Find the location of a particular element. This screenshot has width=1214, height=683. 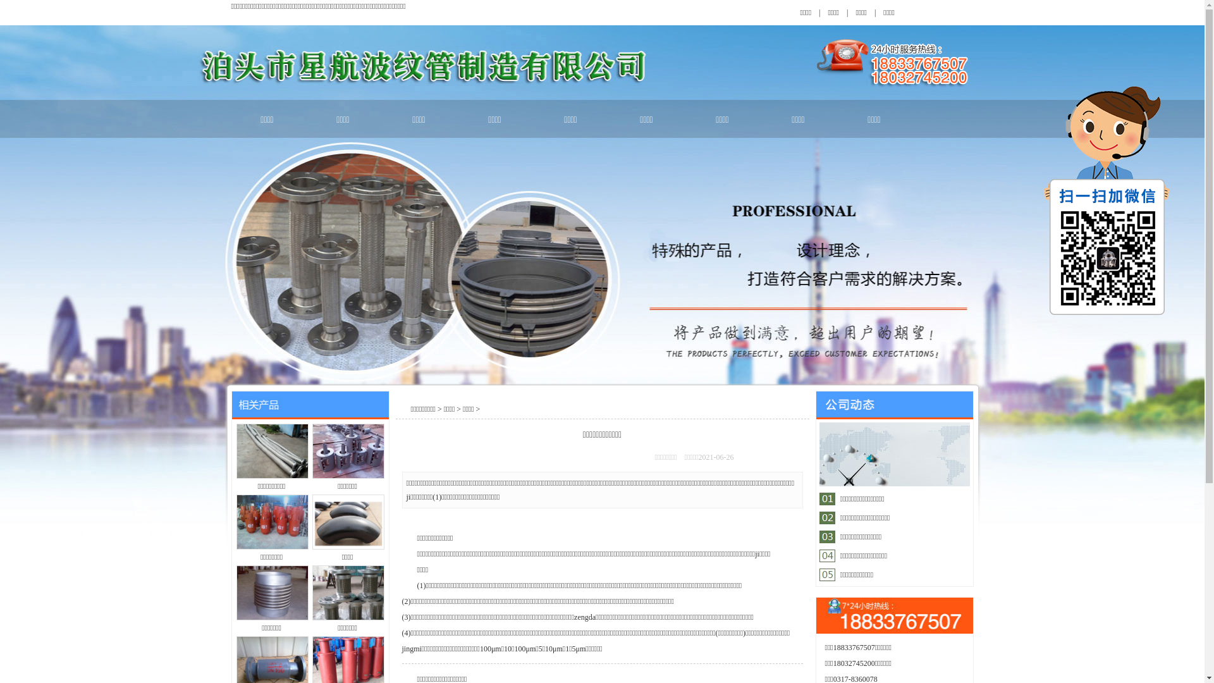

'1' is located at coordinates (861, 499).